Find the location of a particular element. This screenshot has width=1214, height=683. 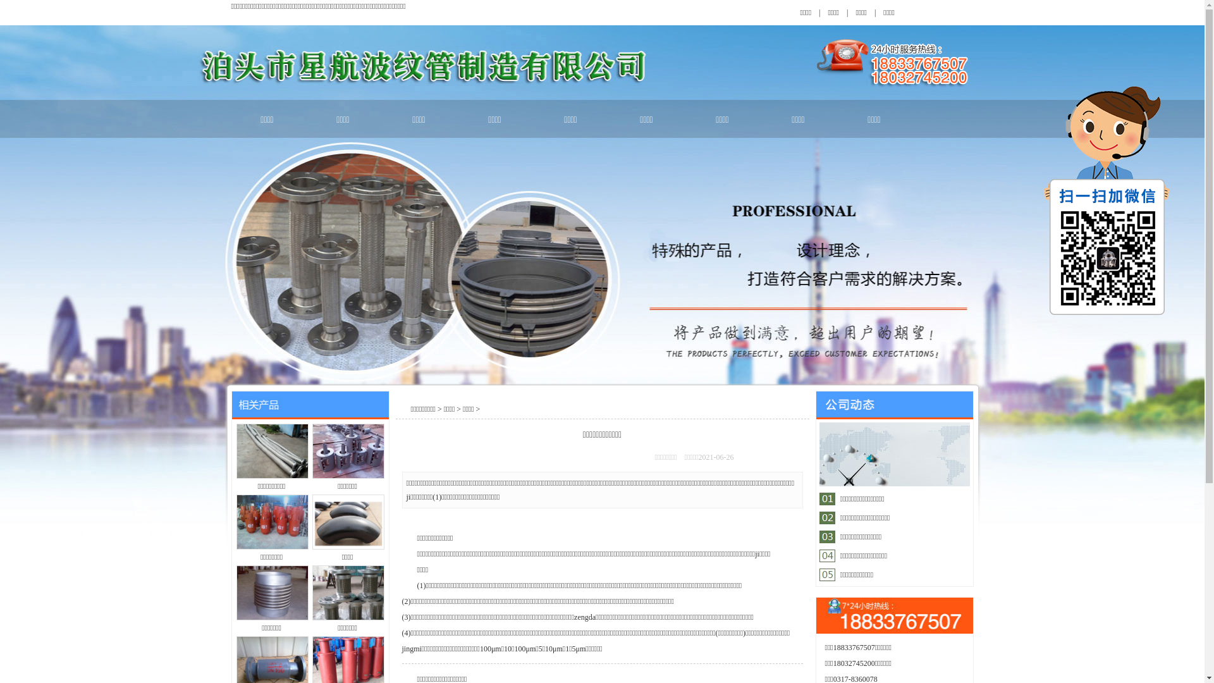

'1' is located at coordinates (861, 499).